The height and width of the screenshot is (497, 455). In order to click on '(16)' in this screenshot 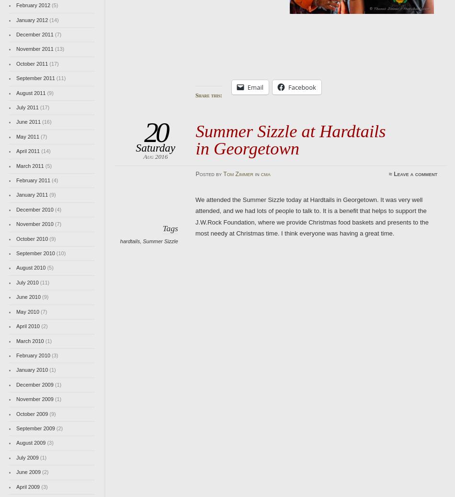, I will do `click(46, 122)`.